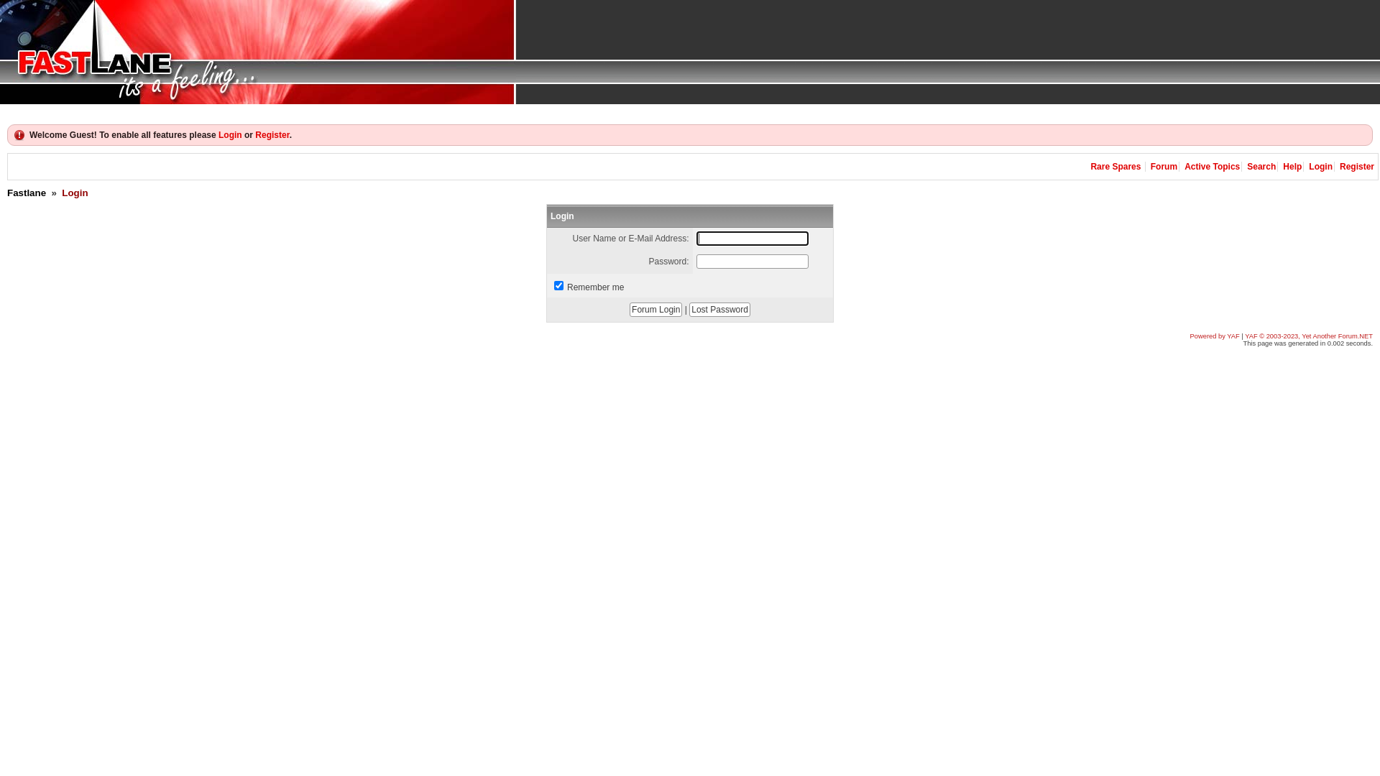  I want to click on 'Forum Login', so click(655, 309).